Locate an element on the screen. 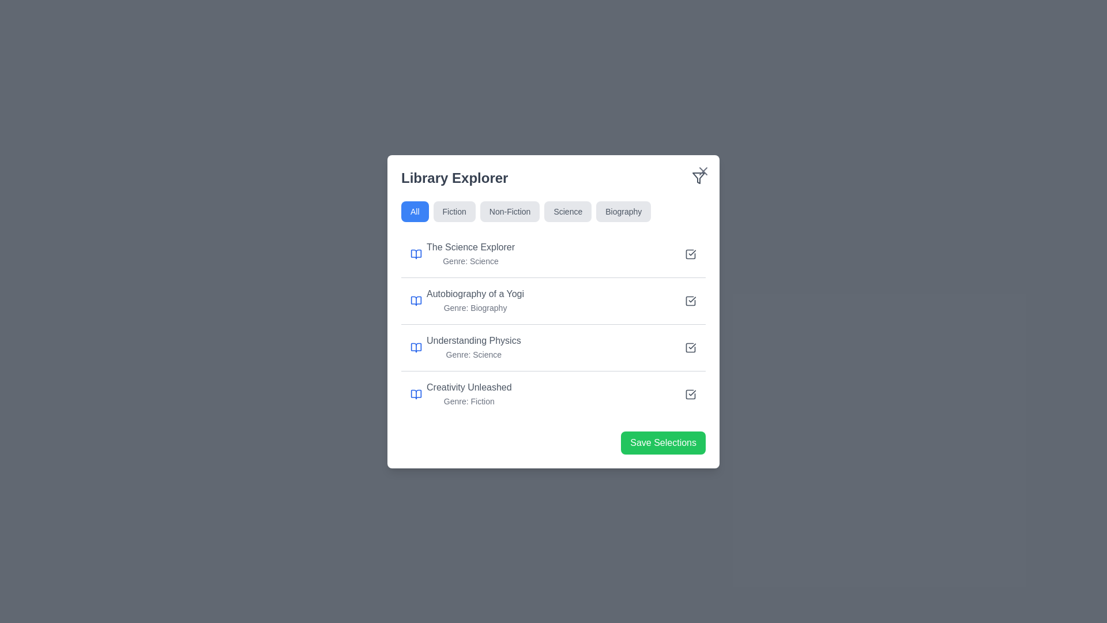 The image size is (1107, 623). the 'Science' button with a gray background and text to filter content in the Library Explorer section is located at coordinates (568, 211).